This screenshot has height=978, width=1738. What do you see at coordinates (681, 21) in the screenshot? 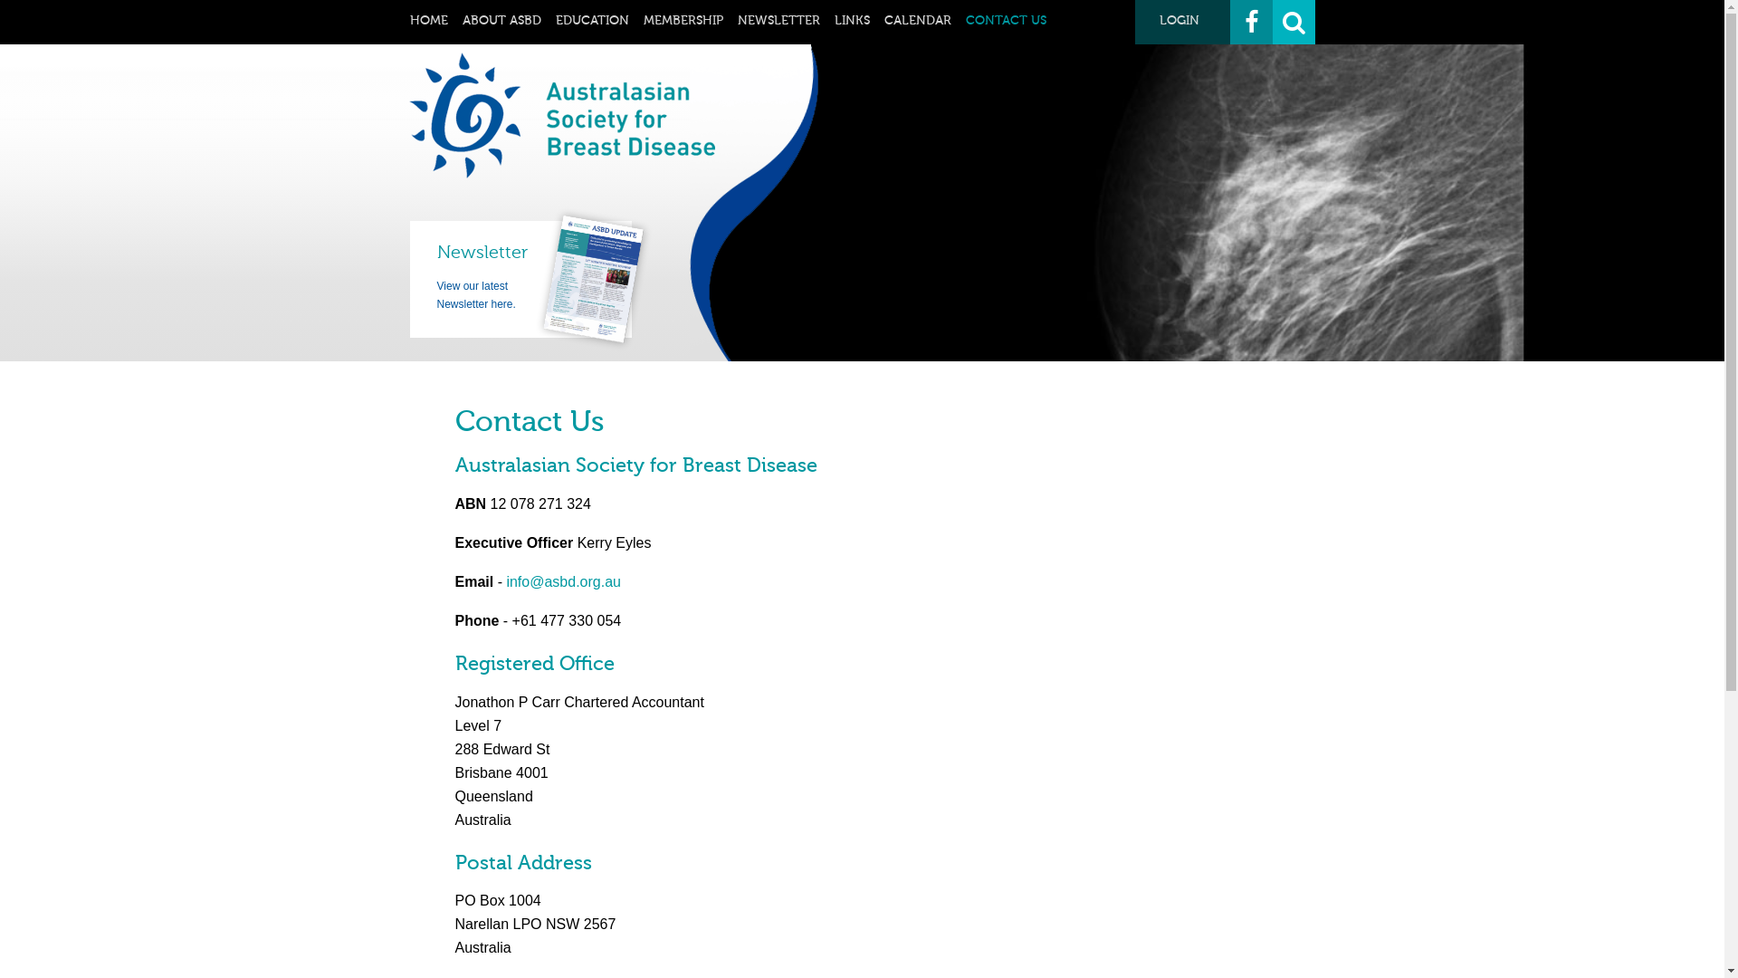
I see `'MEMBERSHIP'` at bounding box center [681, 21].